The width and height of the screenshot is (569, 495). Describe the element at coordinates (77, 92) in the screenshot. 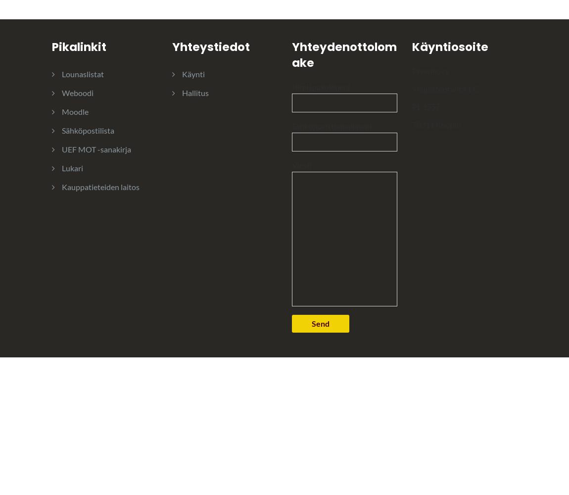

I see `'Weboodi'` at that location.